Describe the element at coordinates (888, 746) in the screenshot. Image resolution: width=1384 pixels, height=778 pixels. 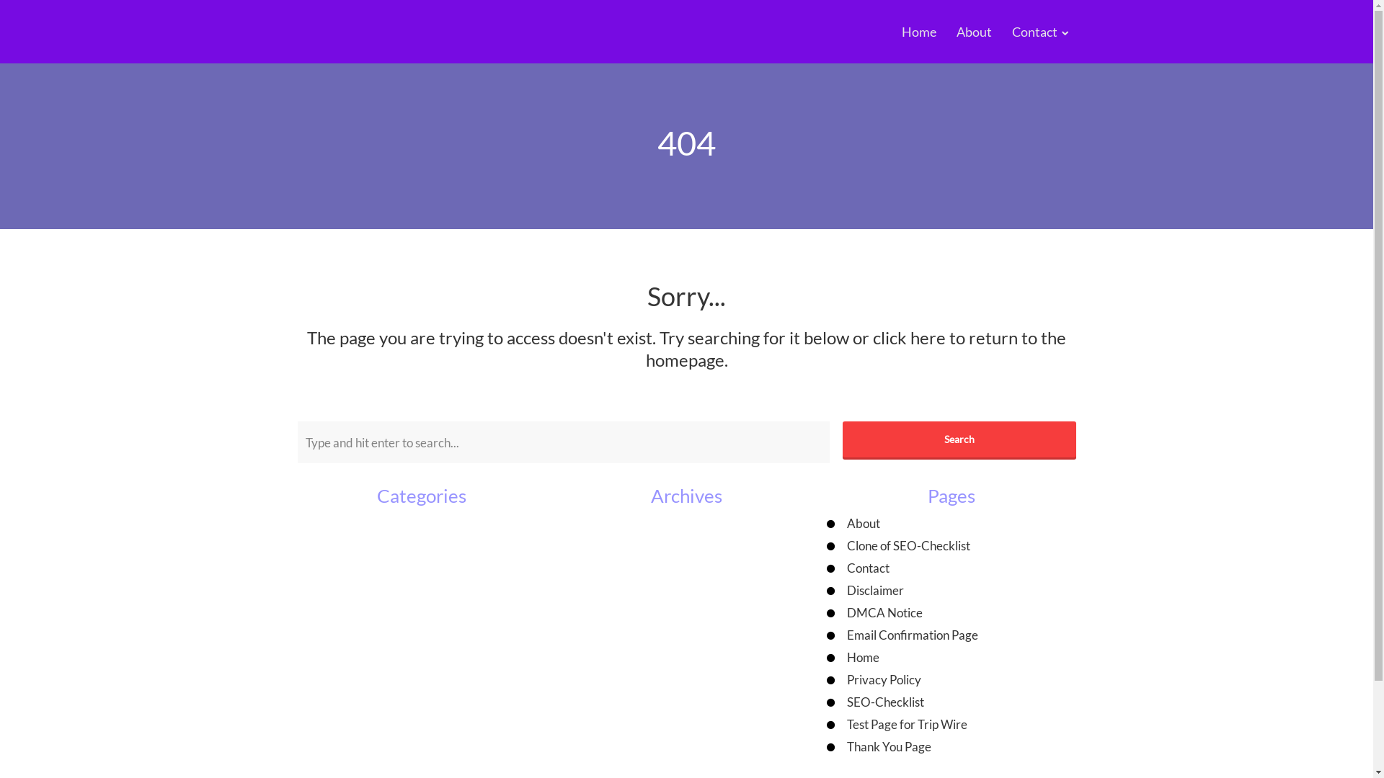
I see `'Thank You Page'` at that location.